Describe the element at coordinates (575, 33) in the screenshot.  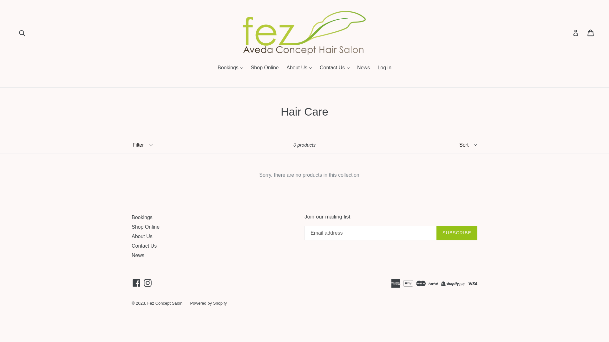
I see `'Log in'` at that location.